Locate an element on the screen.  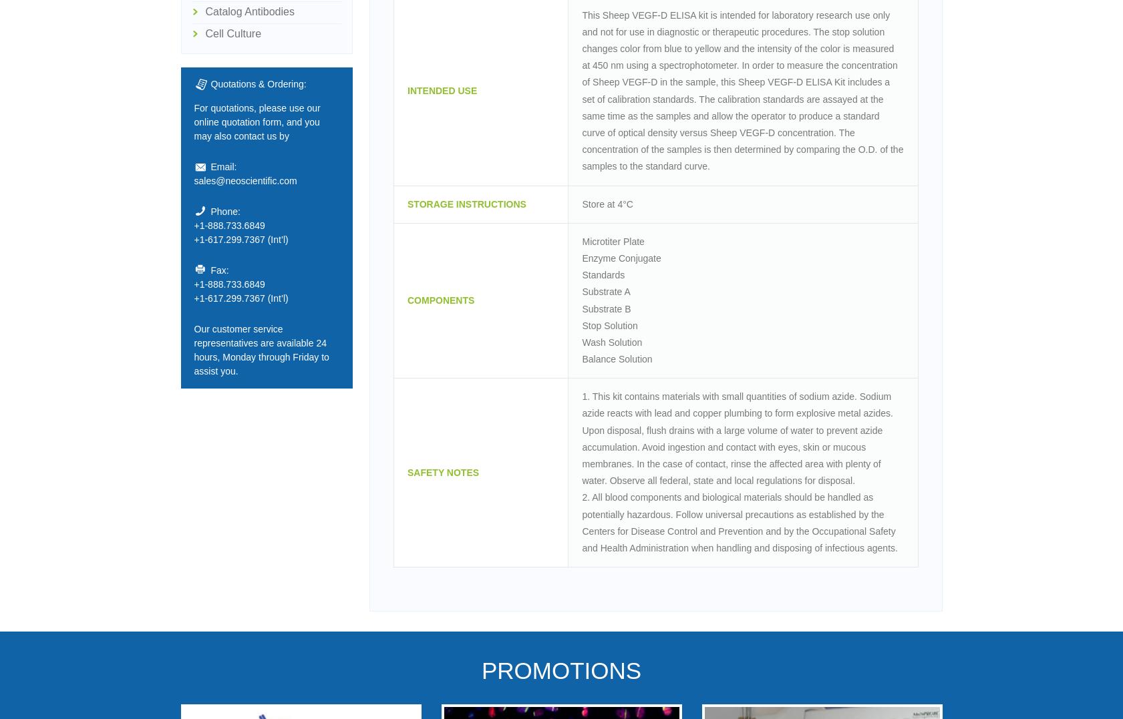
'For quotations, please use our online quotation form, and you may also contact us by' is located at coordinates (256, 121).